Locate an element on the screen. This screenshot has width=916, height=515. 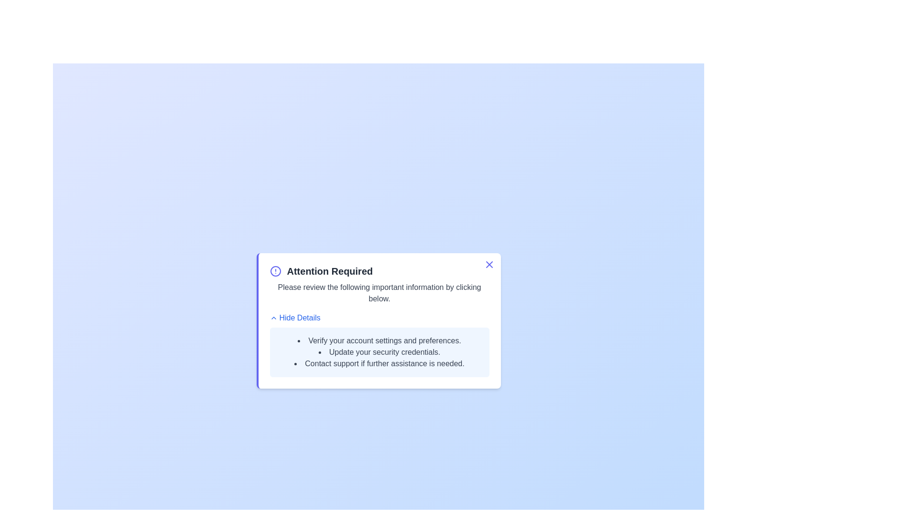
the close button to close the alert is located at coordinates (489, 265).